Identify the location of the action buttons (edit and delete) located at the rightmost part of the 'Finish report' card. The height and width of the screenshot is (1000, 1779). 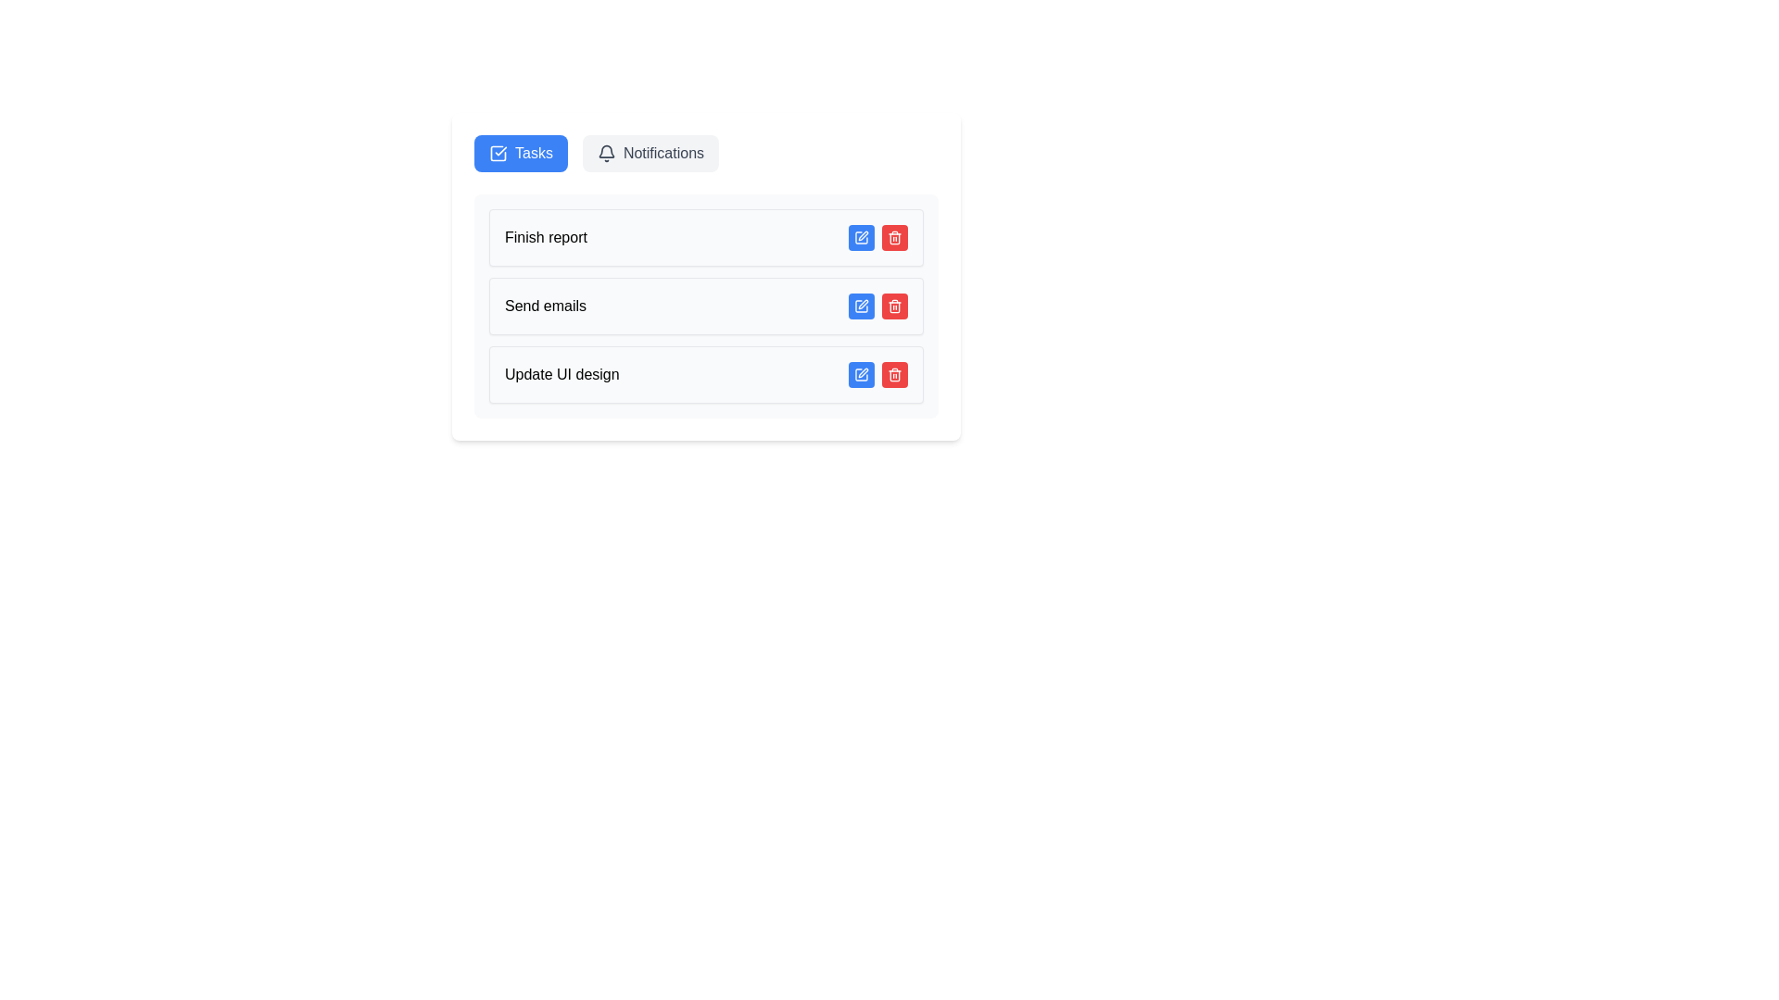
(877, 237).